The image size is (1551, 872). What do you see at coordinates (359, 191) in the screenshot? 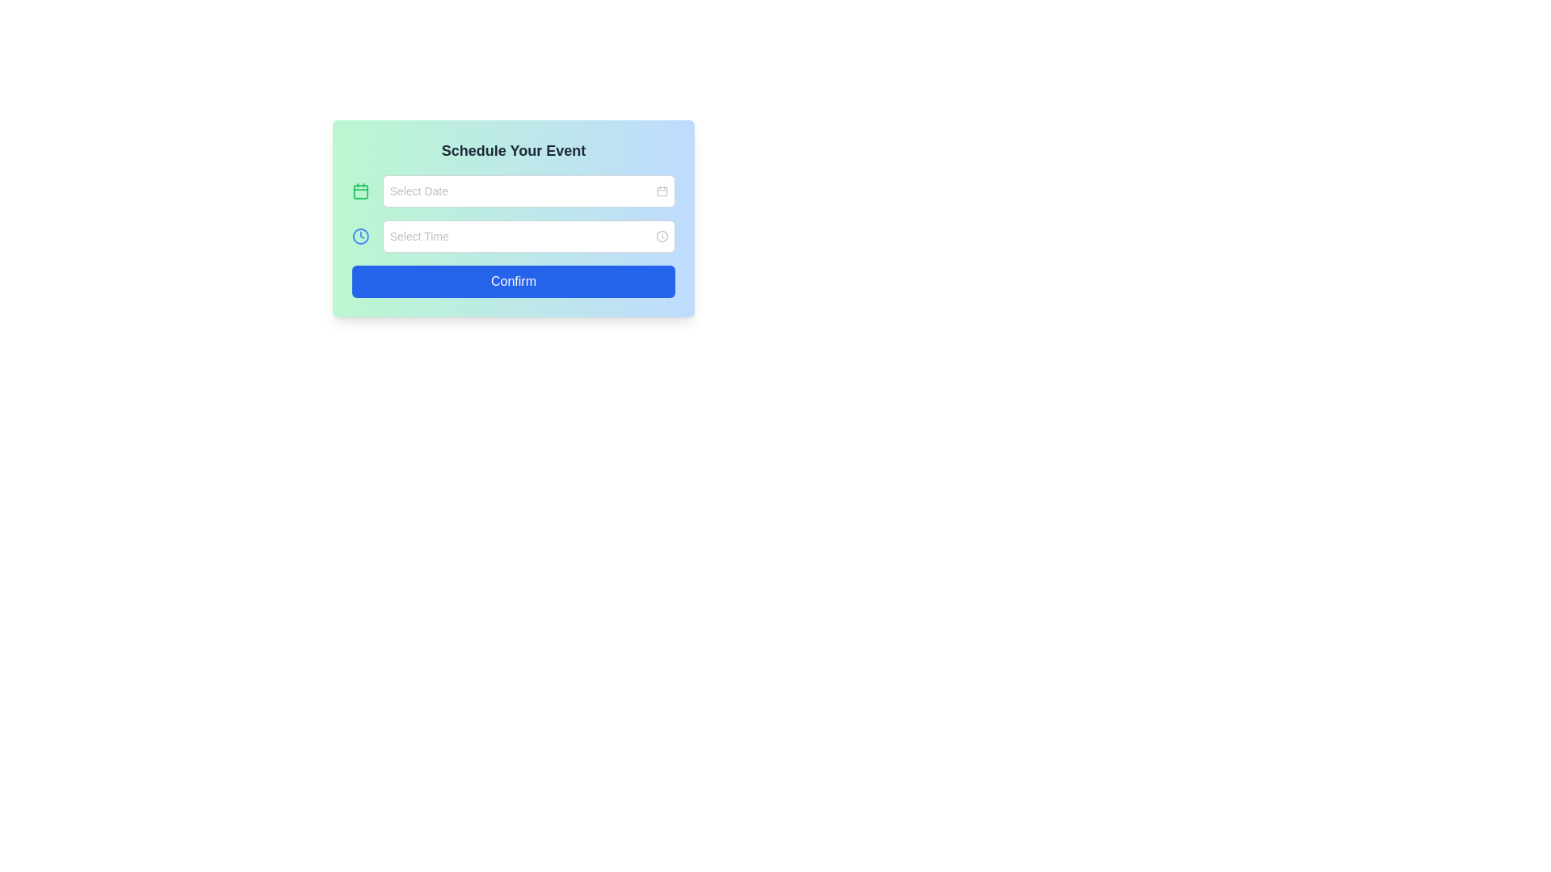
I see `the small rectangle with rounded corners that has a green outline, located inside the calendar icon to the left of the 'Select Date' input field` at bounding box center [359, 191].